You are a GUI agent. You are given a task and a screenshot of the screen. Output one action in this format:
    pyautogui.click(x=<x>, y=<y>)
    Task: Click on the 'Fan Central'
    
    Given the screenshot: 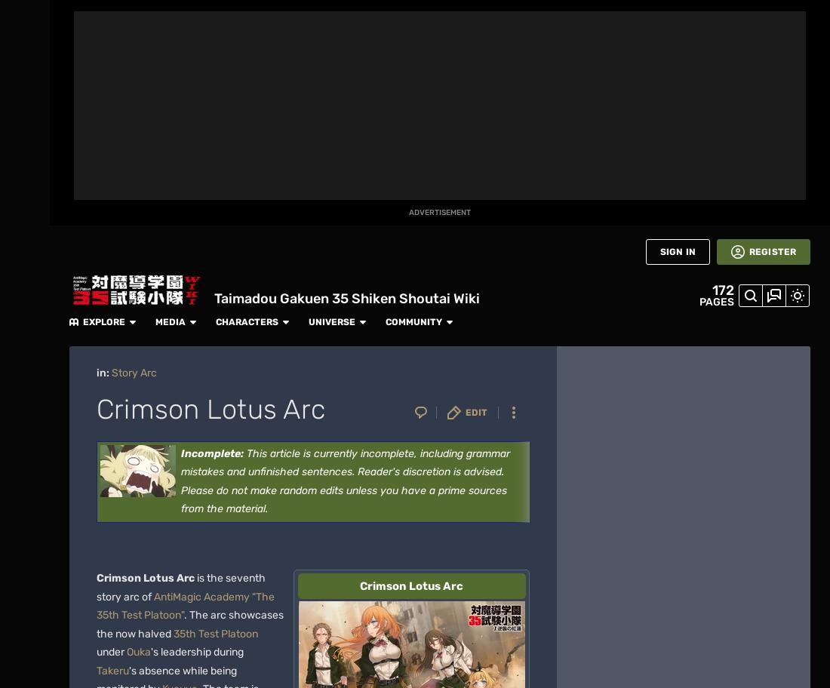 What is the action you would take?
    pyautogui.click(x=24, y=143)
    